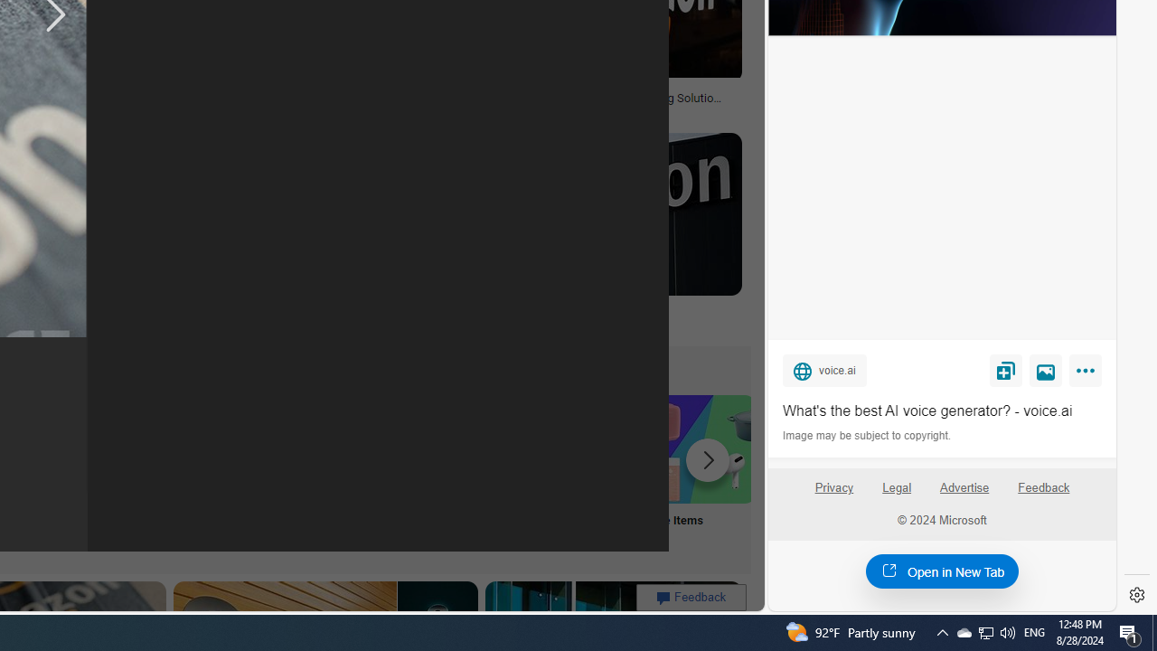  What do you see at coordinates (941, 571) in the screenshot?
I see `'Open in New Tab'` at bounding box center [941, 571].